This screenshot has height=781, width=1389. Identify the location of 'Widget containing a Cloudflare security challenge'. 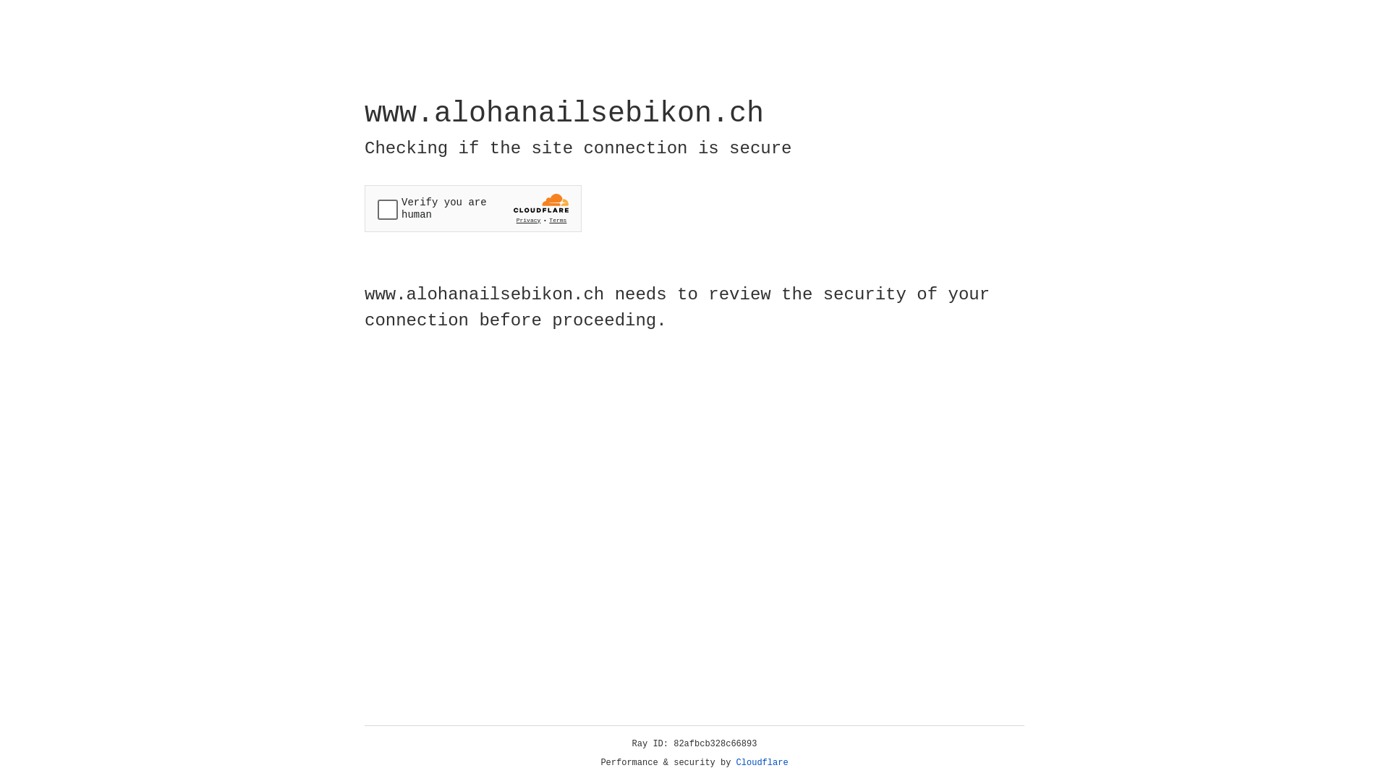
(472, 208).